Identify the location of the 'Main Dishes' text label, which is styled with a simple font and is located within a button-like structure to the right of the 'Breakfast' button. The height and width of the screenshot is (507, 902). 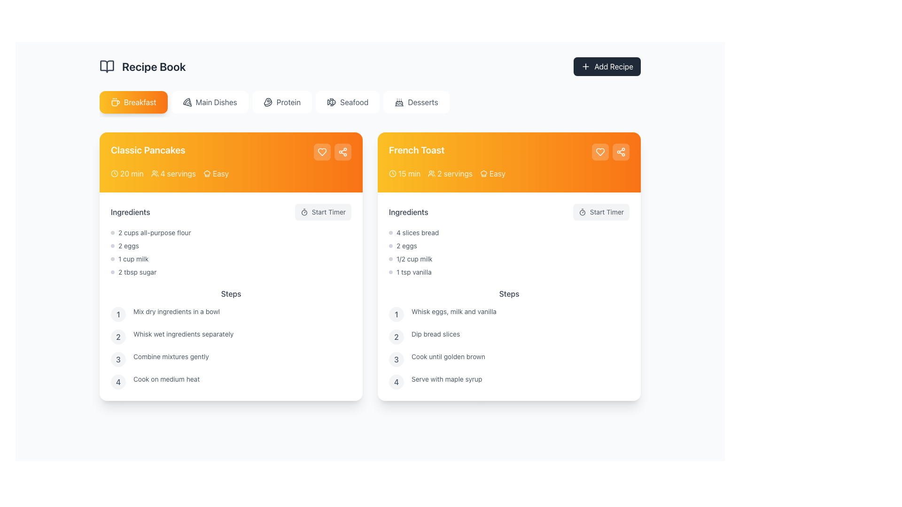
(216, 102).